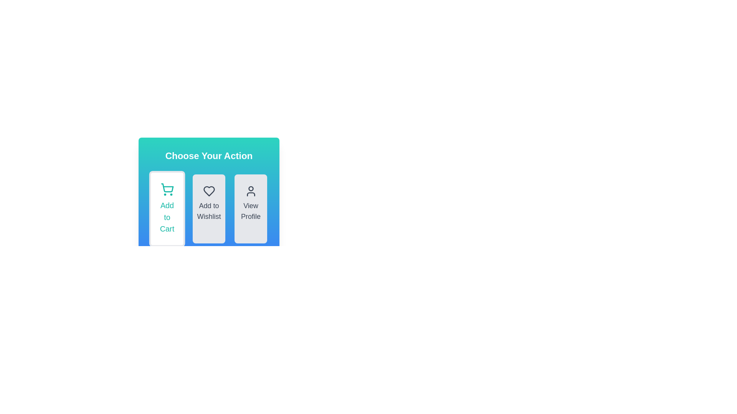 This screenshot has height=414, width=737. Describe the element at coordinates (209, 191) in the screenshot. I see `the heart icon located at the top center of the 'Add to Wishlist' button in the center panel` at that location.